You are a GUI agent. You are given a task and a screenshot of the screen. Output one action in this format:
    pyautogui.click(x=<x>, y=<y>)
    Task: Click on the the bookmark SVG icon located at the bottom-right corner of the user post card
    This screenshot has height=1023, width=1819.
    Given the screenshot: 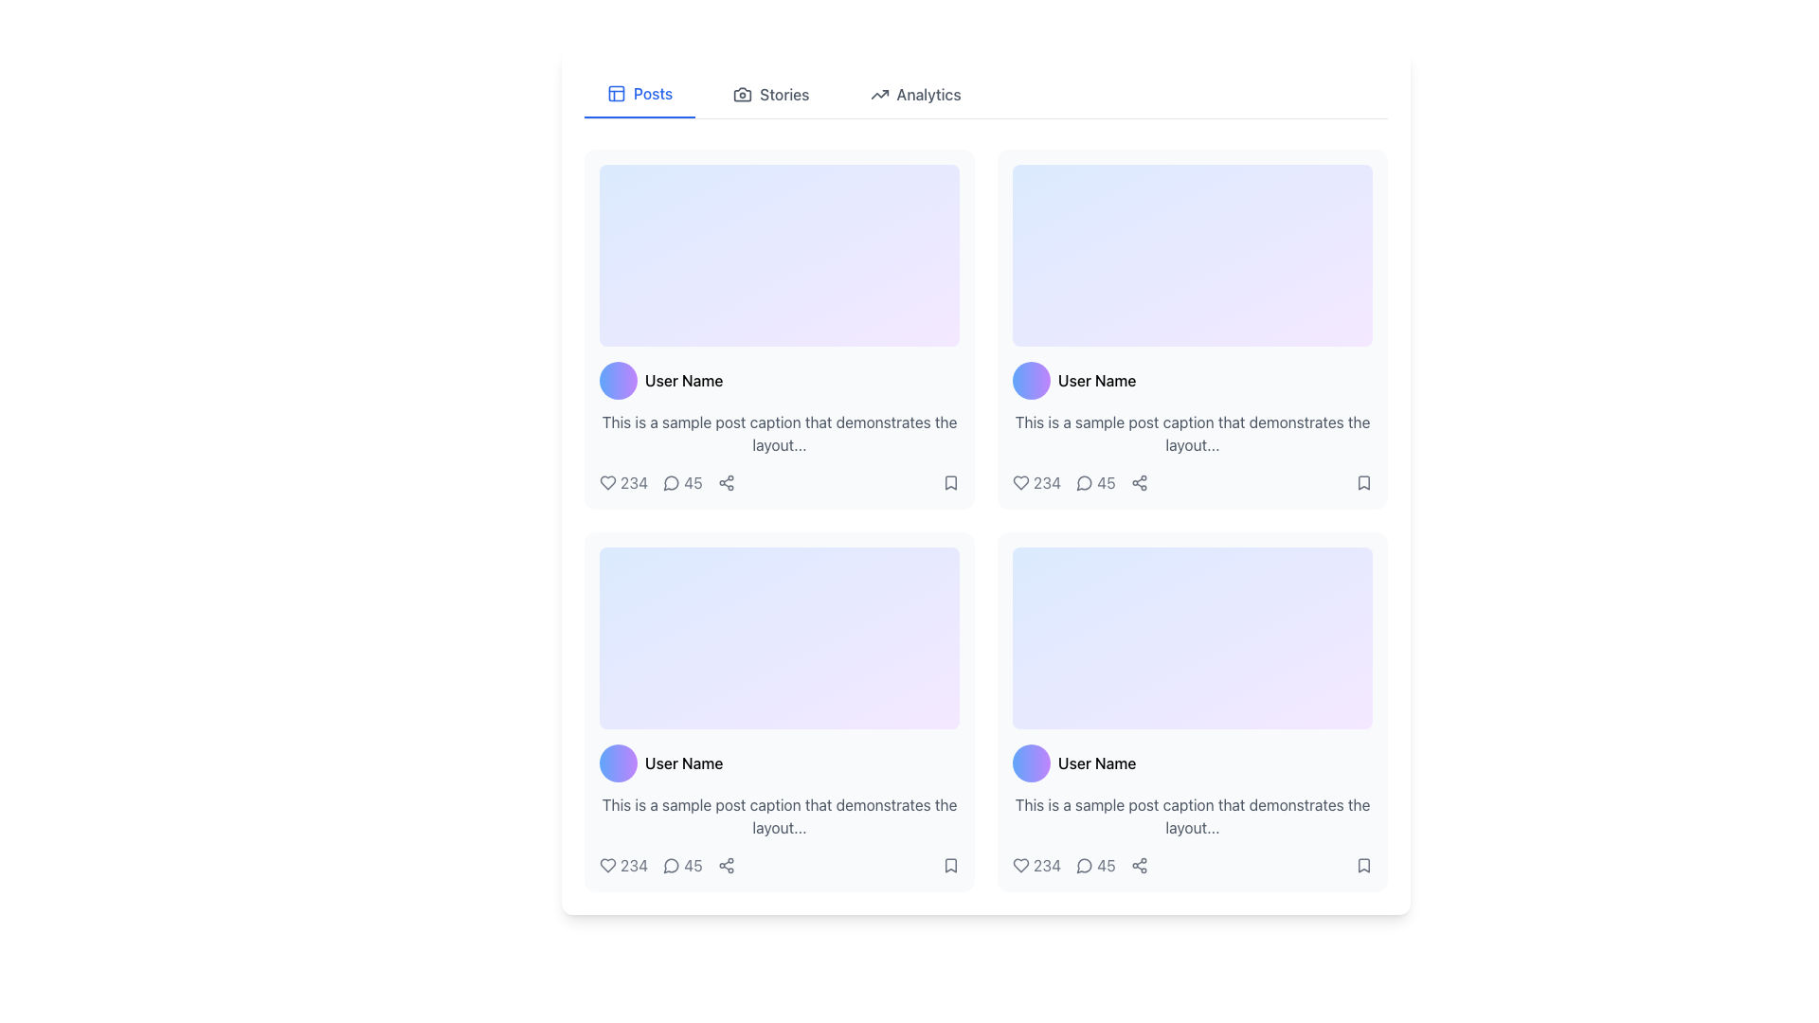 What is the action you would take?
    pyautogui.click(x=1364, y=481)
    